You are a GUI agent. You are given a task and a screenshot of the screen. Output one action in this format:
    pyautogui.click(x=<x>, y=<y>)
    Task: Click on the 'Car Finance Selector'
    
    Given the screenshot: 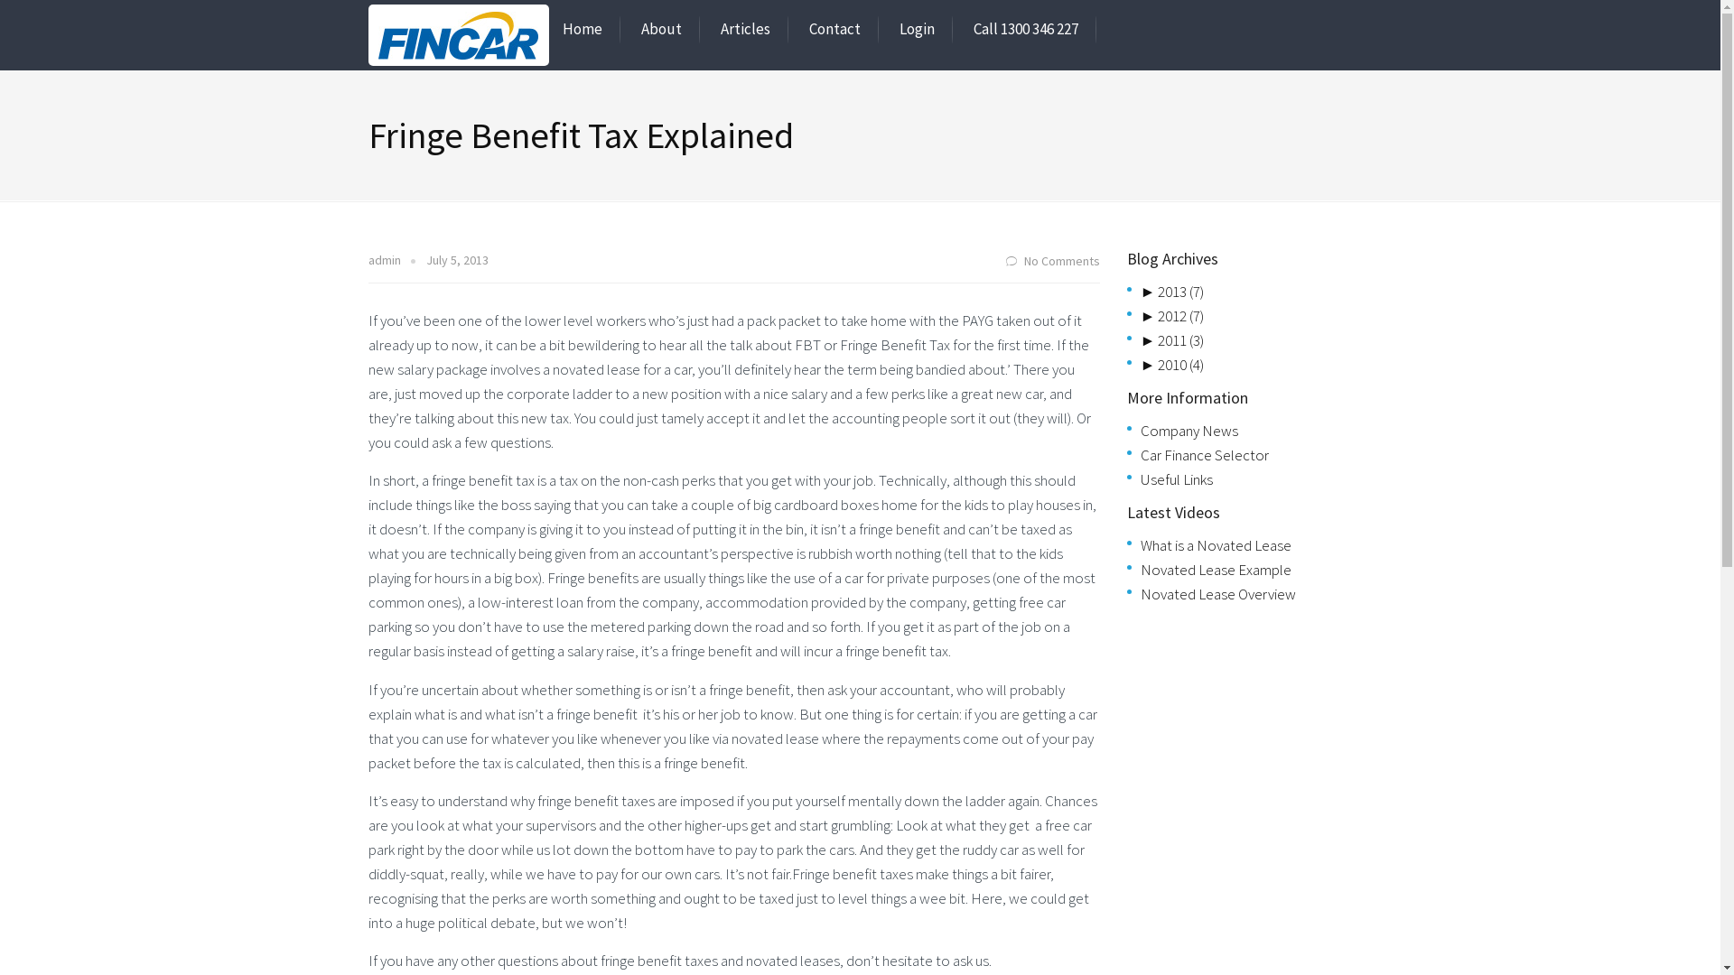 What is the action you would take?
    pyautogui.click(x=1204, y=454)
    